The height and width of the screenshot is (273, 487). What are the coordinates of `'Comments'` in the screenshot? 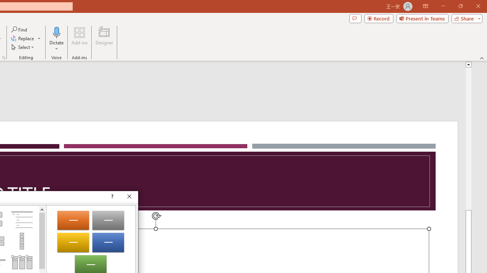 It's located at (355, 18).